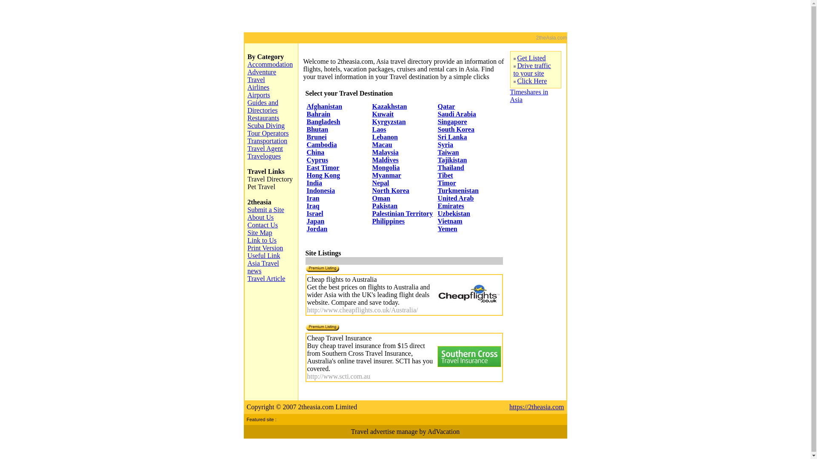 Image resolution: width=817 pixels, height=459 pixels. Describe the element at coordinates (267, 140) in the screenshot. I see `'Transportation'` at that location.